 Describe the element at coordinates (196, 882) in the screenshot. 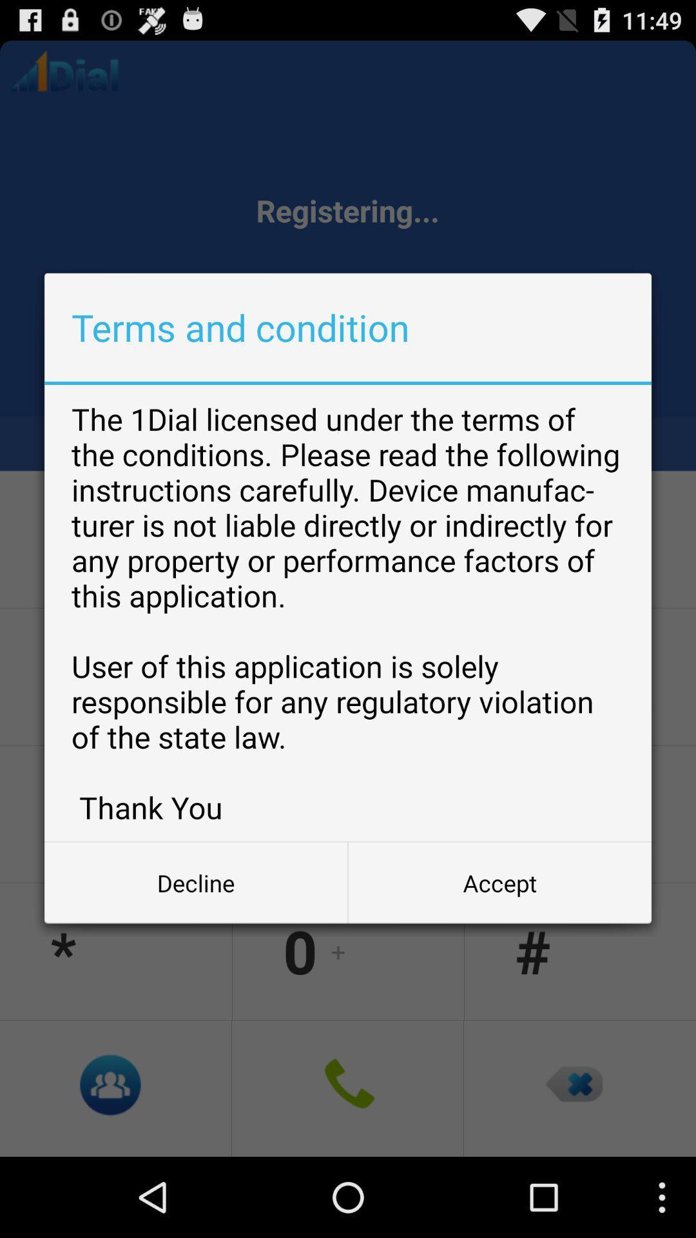

I see `the decline at the bottom left corner` at that location.